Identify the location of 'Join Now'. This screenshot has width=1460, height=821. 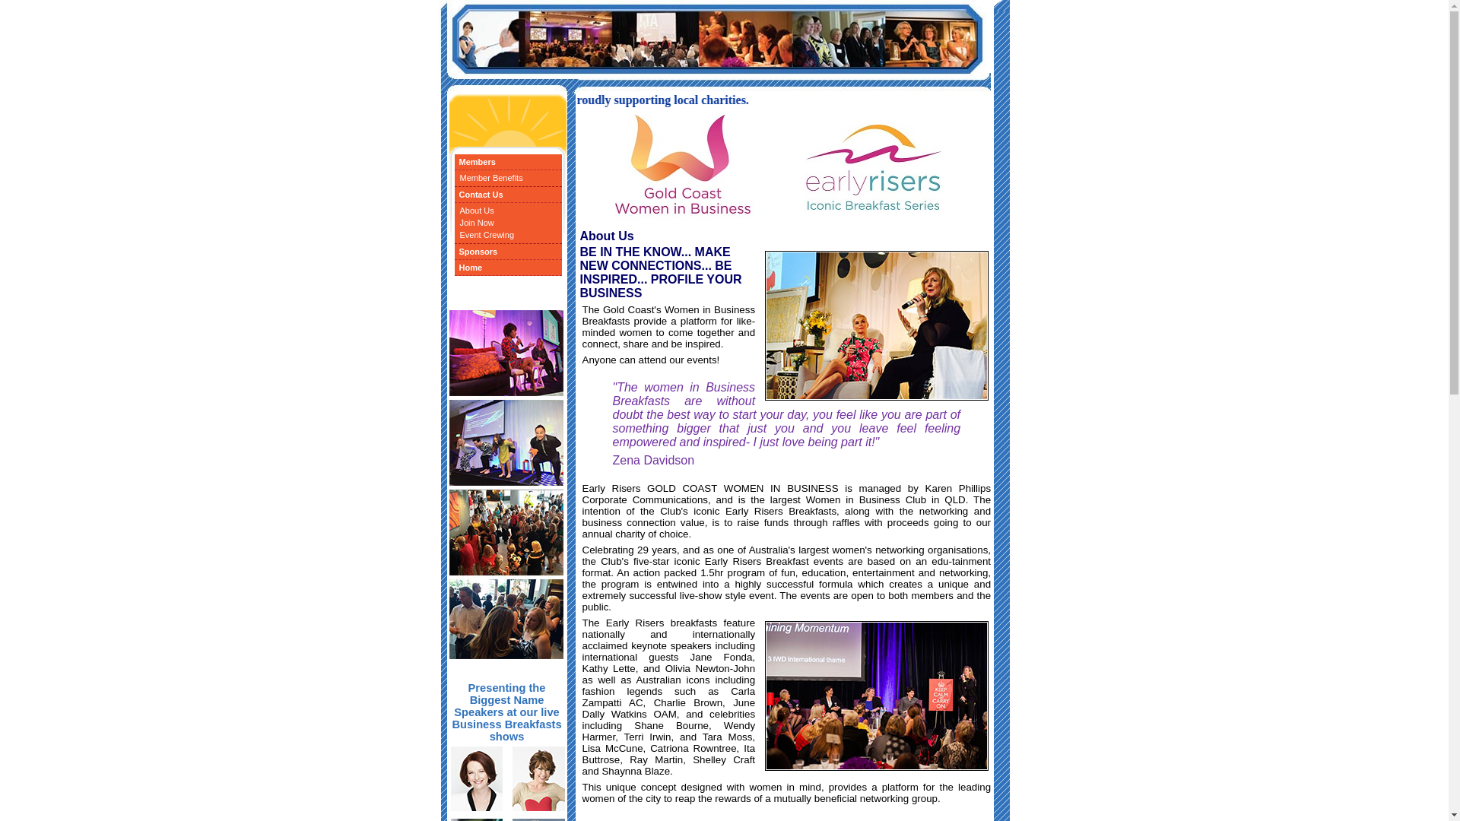
(454, 223).